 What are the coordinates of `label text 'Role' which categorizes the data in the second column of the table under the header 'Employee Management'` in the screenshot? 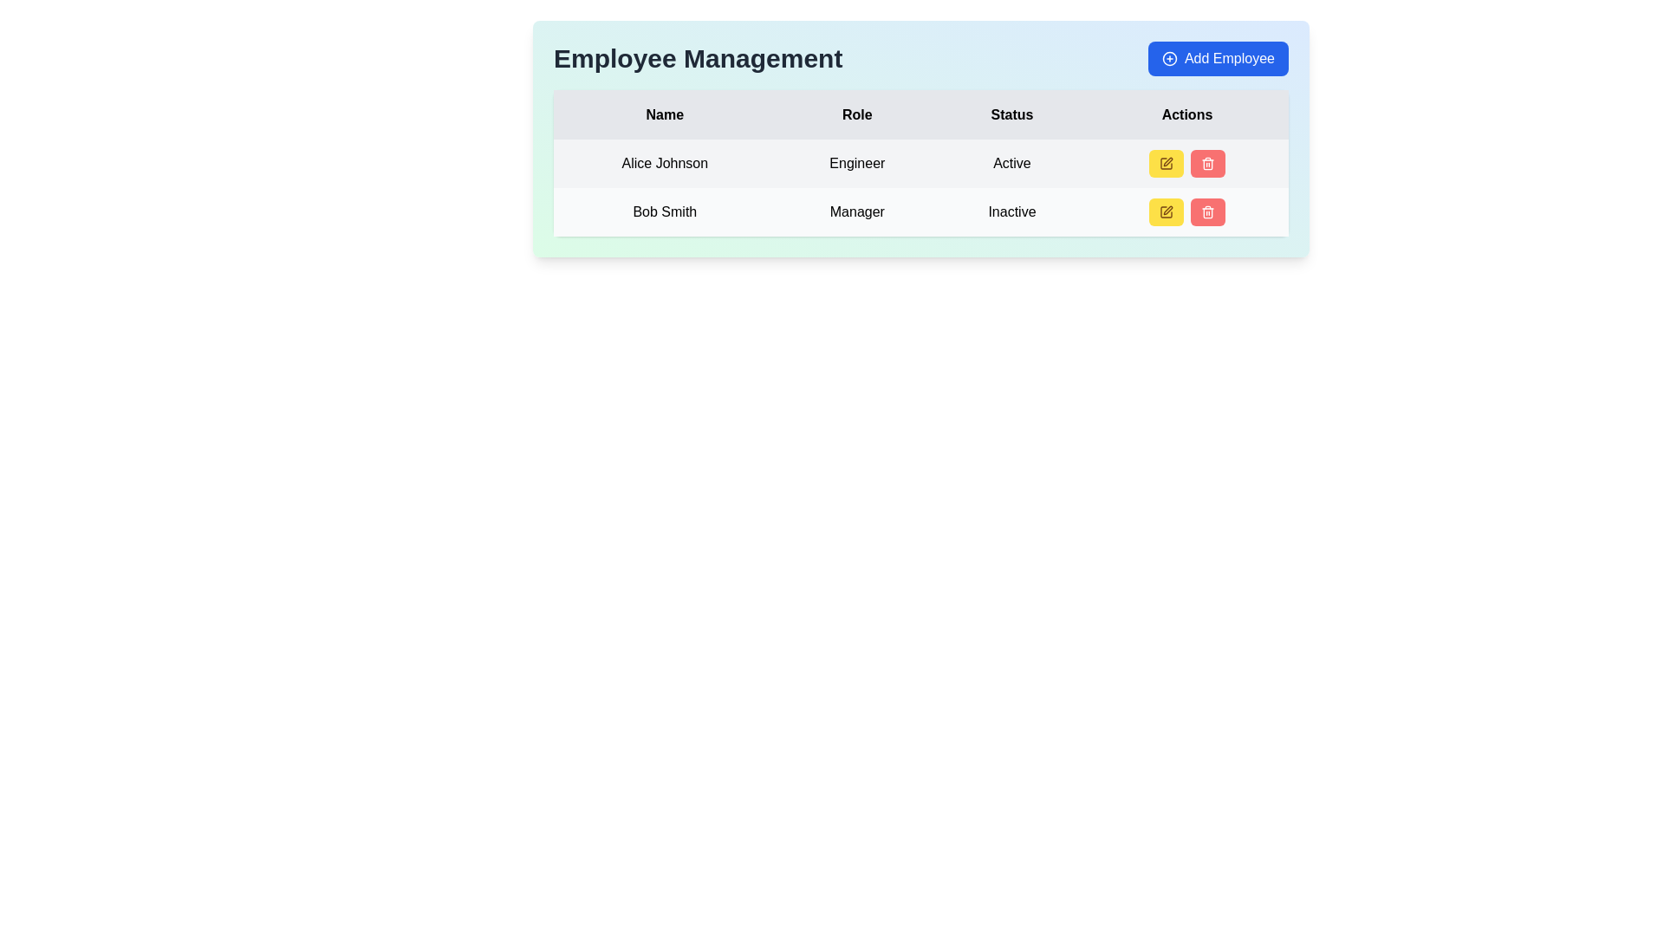 It's located at (857, 114).